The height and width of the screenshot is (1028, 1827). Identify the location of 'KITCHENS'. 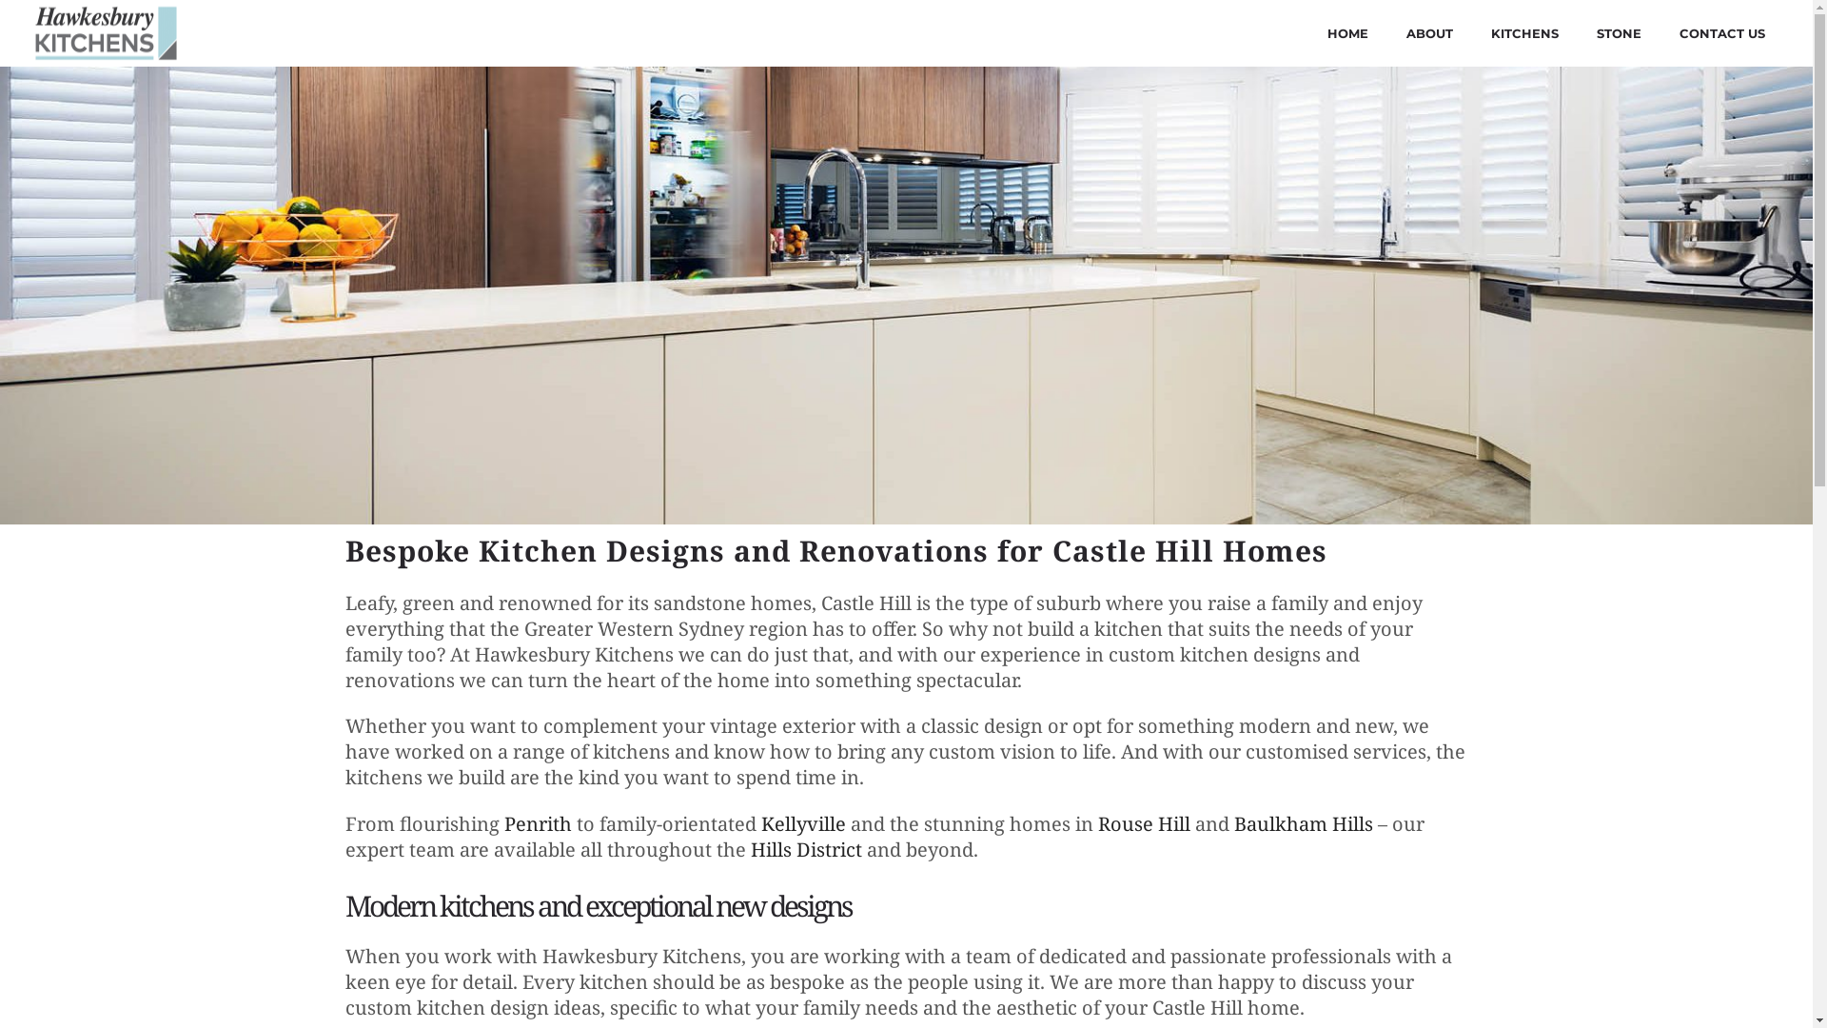
(1470, 32).